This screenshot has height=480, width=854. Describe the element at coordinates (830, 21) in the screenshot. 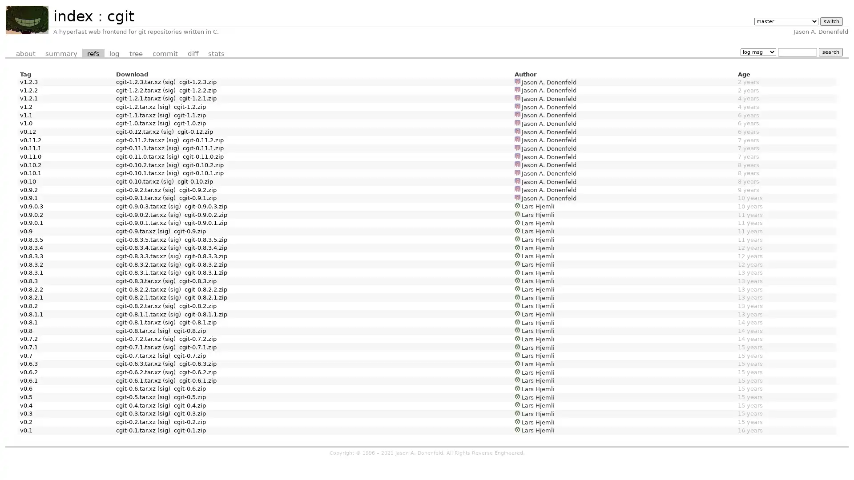

I see `switch` at that location.